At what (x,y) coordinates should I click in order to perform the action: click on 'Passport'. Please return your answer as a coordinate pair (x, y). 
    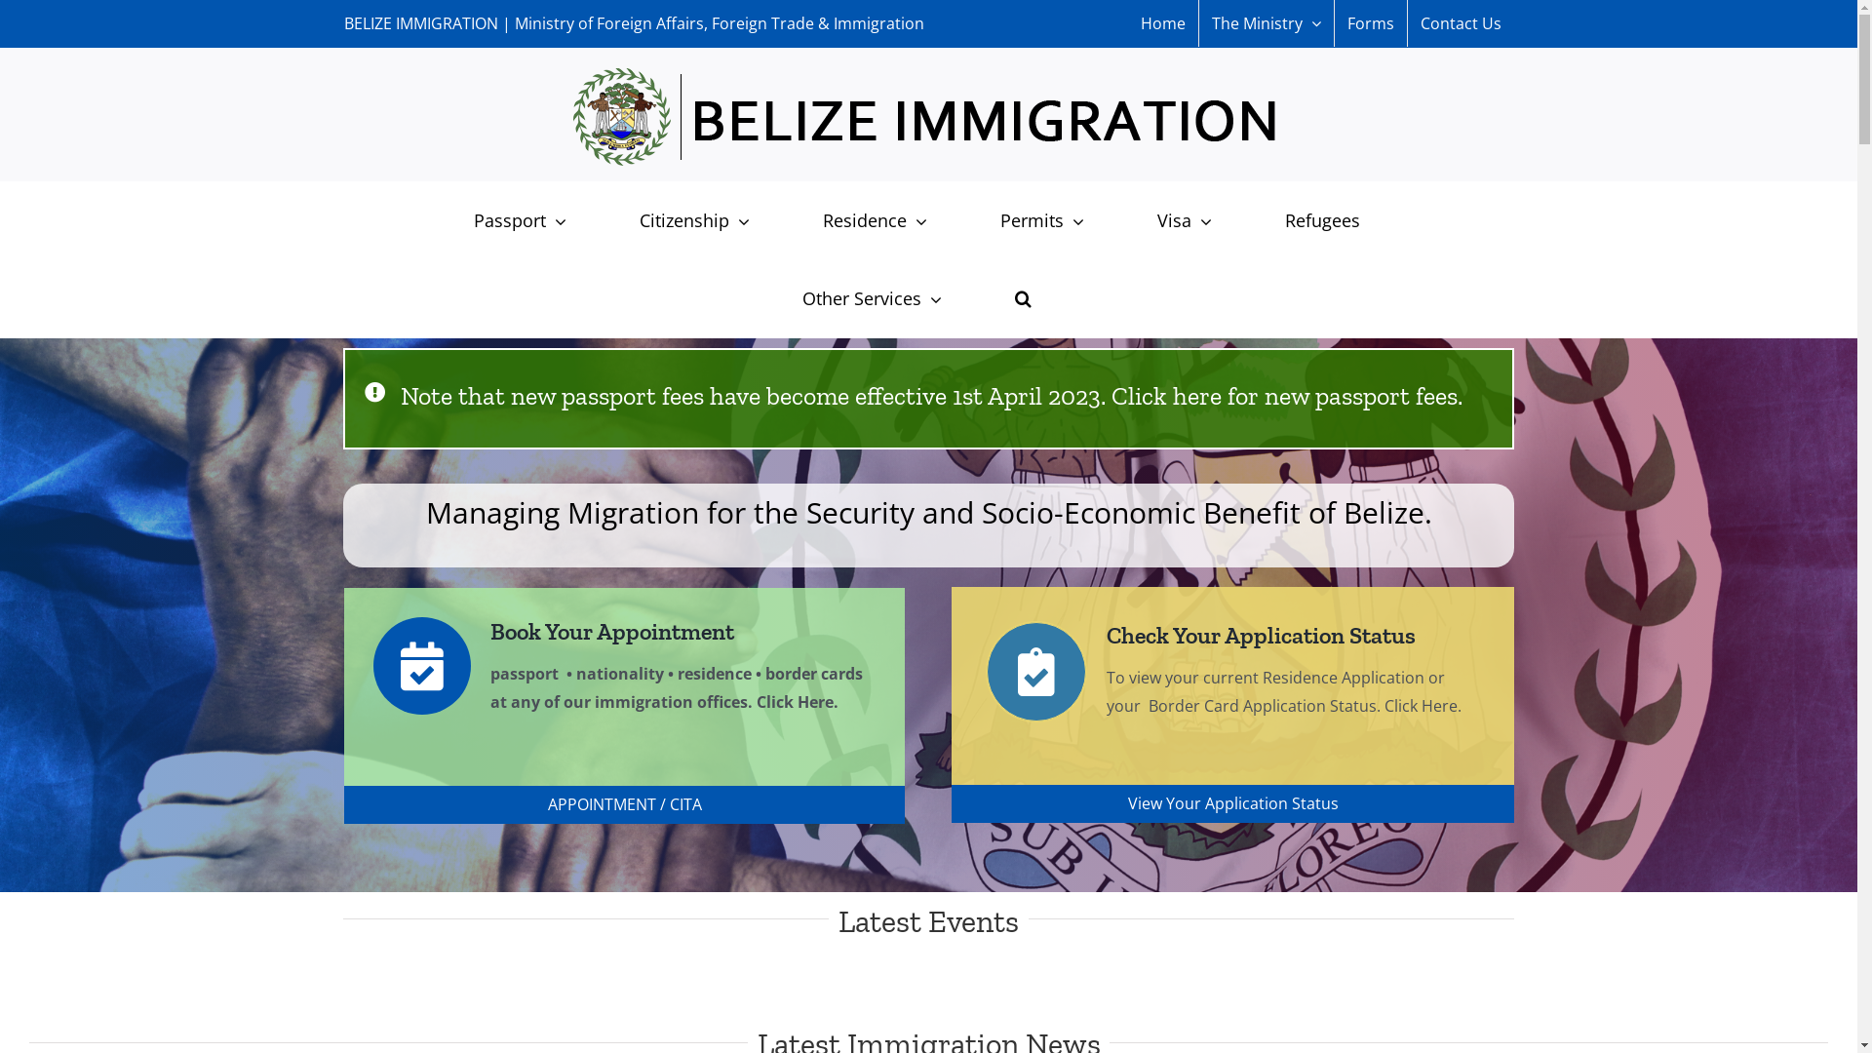
    Looking at the image, I should click on (519, 219).